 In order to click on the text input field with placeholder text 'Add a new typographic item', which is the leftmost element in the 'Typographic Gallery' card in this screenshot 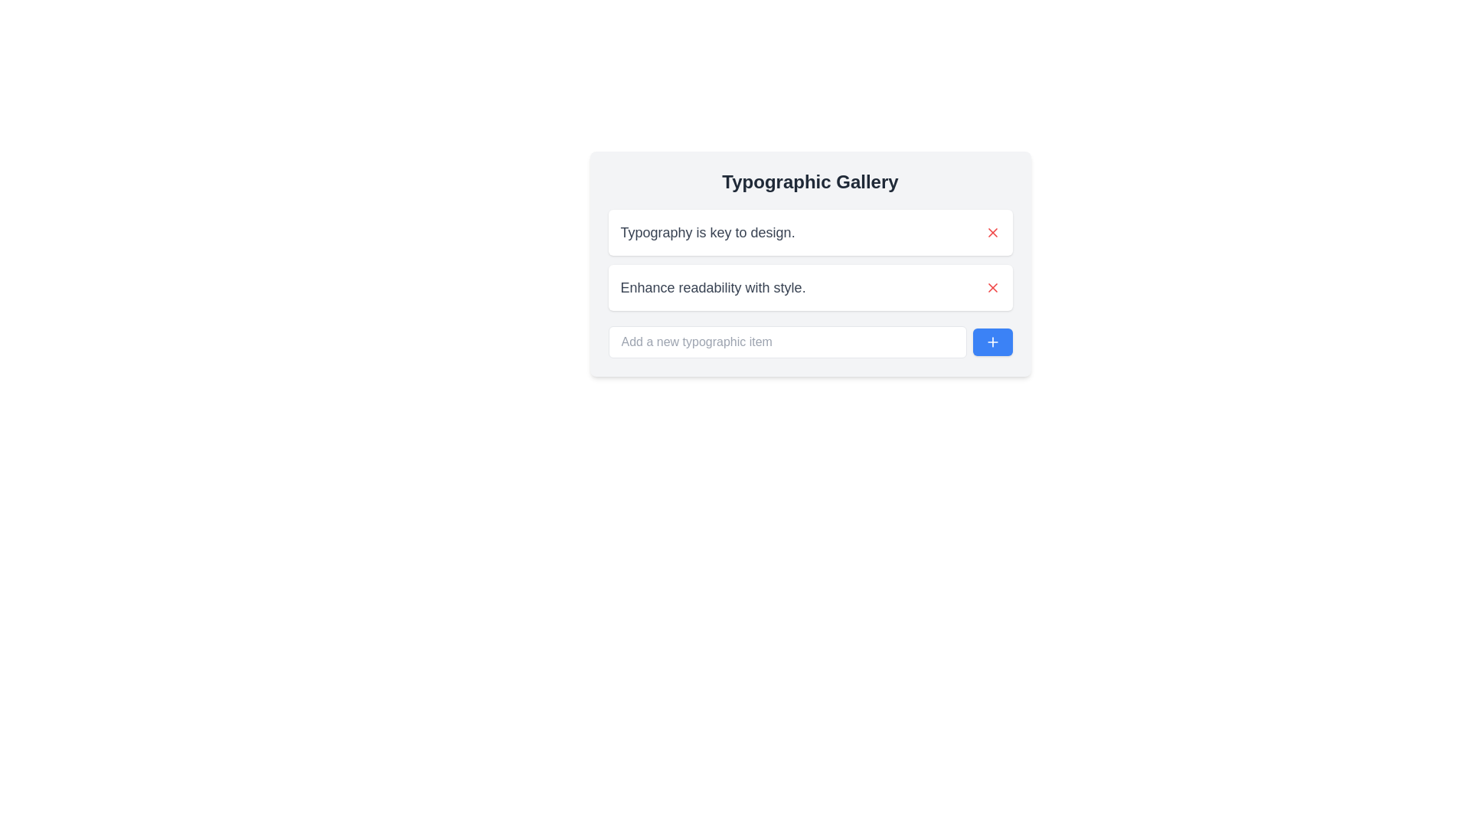, I will do `click(787, 342)`.